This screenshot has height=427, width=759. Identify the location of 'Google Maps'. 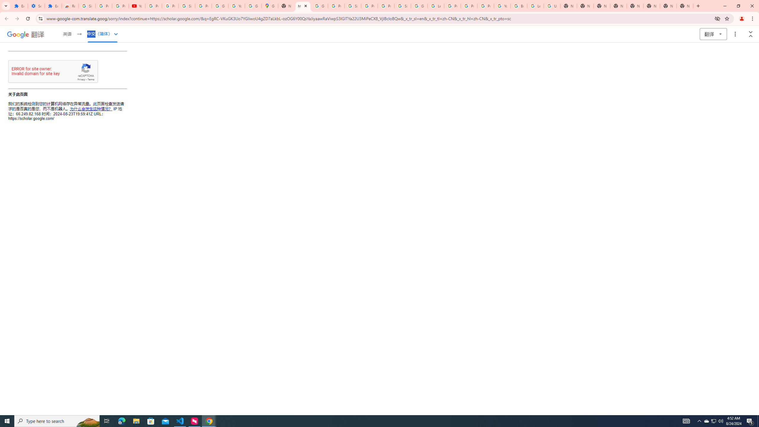
(270, 6).